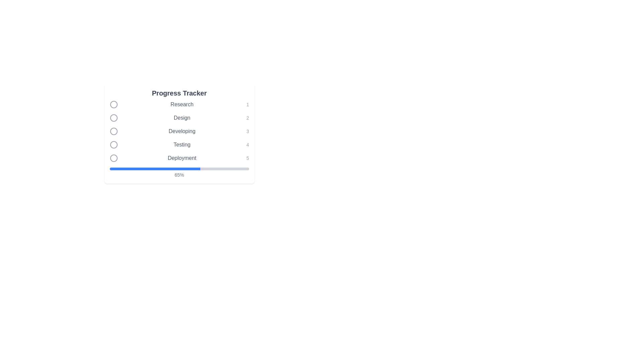 Image resolution: width=643 pixels, height=362 pixels. Describe the element at coordinates (114, 105) in the screenshot. I see `the Circle icon representing the first step ('Research') in the progress tracker` at that location.